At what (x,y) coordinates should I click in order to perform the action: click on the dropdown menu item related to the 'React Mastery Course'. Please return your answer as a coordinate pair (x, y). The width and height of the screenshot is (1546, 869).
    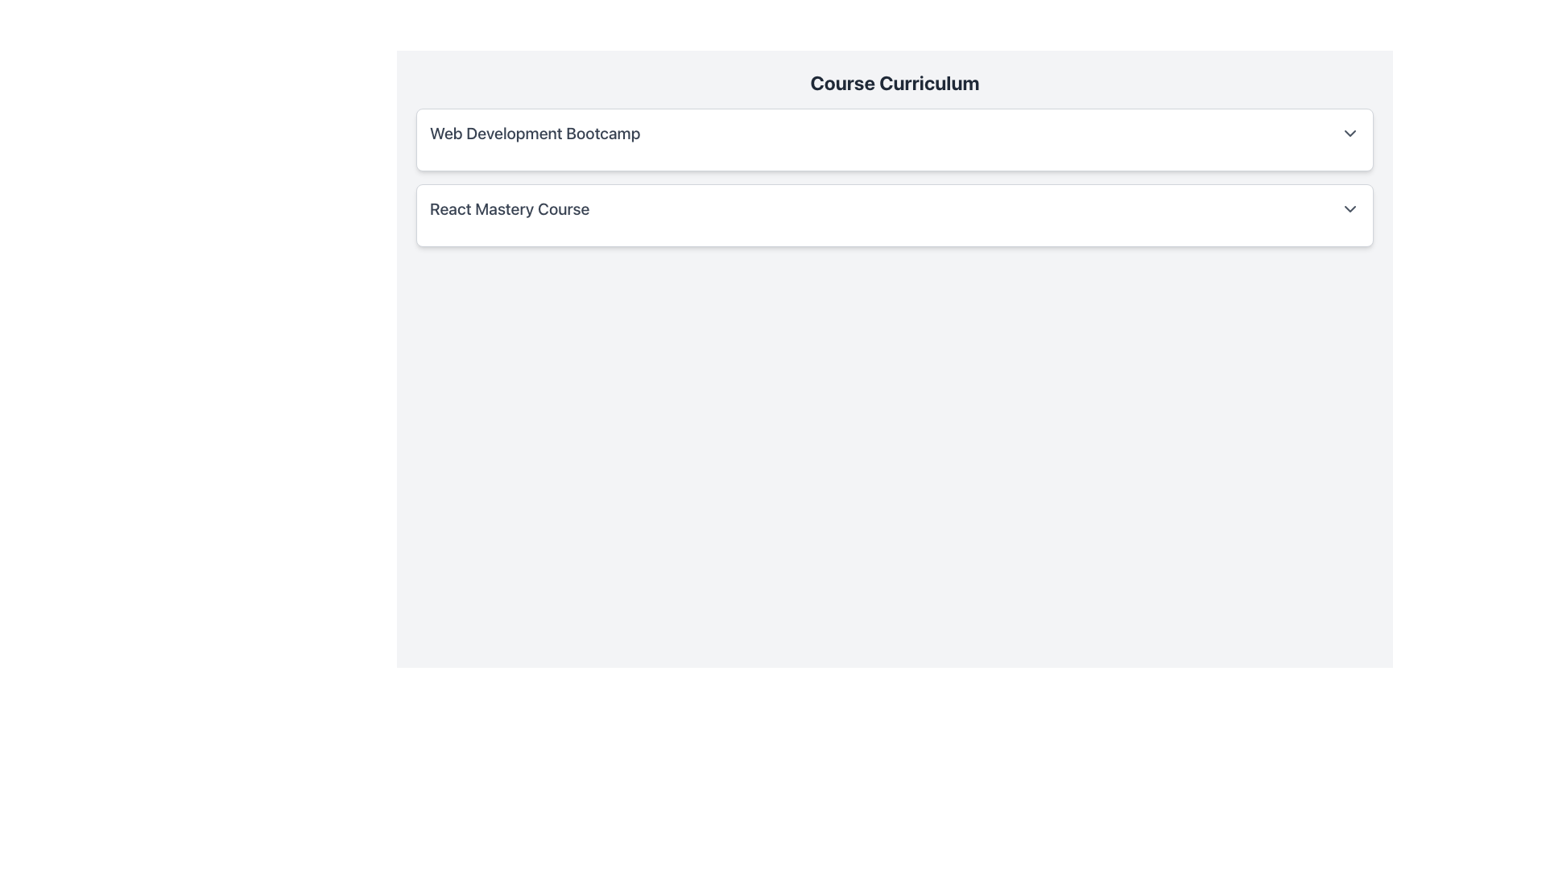
    Looking at the image, I should click on (894, 208).